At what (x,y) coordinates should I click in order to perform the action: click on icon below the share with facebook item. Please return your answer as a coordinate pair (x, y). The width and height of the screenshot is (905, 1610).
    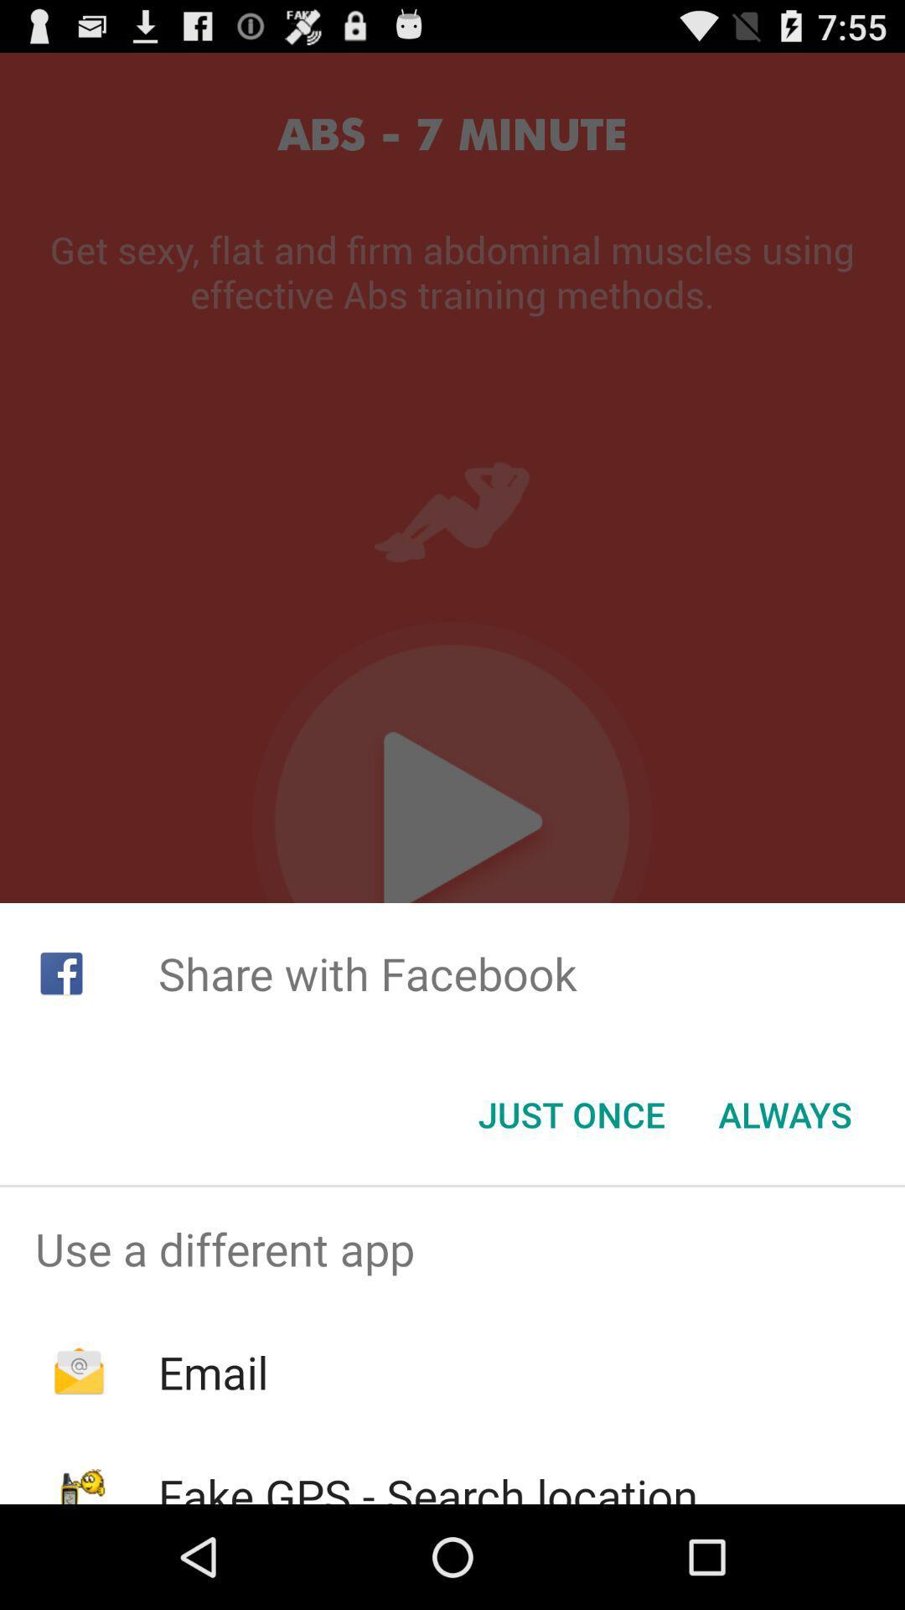
    Looking at the image, I should click on (571, 1114).